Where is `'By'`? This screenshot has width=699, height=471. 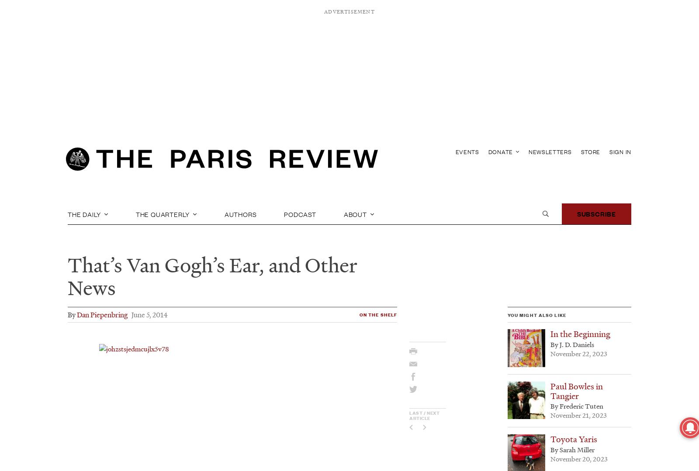
'By' is located at coordinates (72, 313).